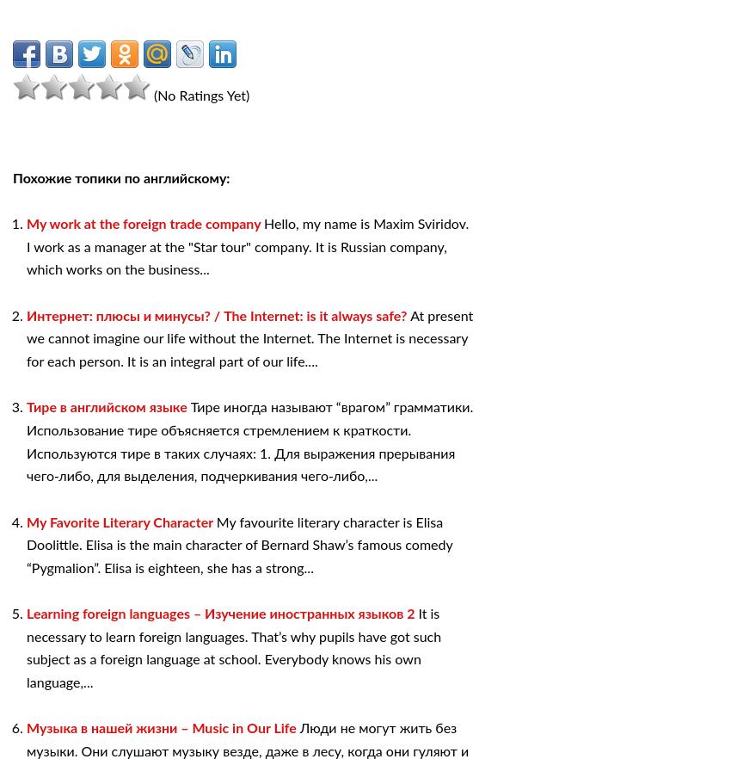 The height and width of the screenshot is (759, 731). I want to click on 'Learning foreign languages – Изучение иностранных языков 2', so click(221, 614).